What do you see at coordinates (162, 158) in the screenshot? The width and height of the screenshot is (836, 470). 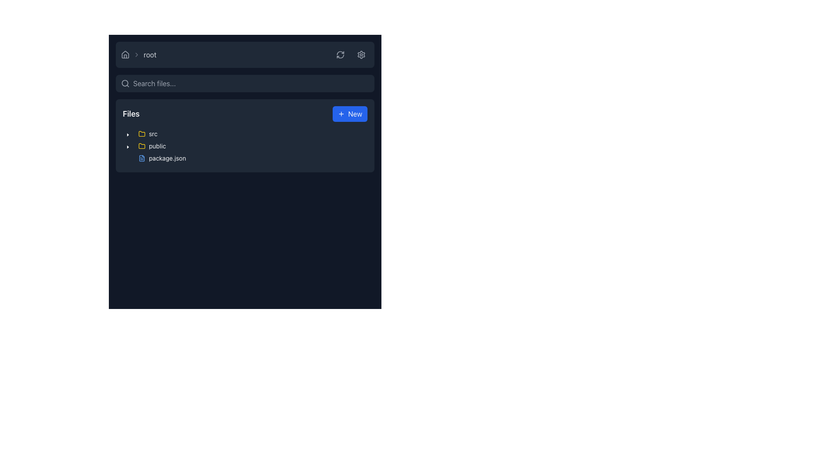 I see `the 'package.json' file node in the file directory` at bounding box center [162, 158].